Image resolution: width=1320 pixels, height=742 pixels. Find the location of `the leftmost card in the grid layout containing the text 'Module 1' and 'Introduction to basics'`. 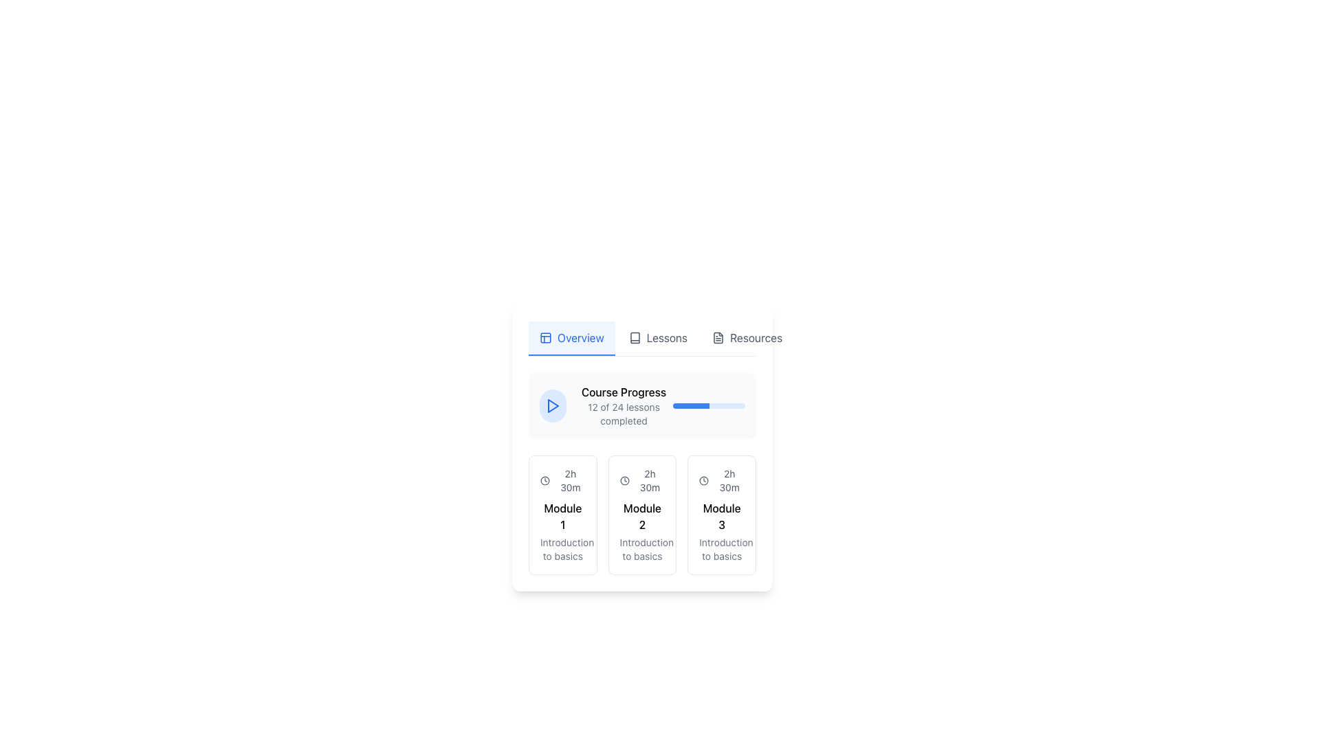

the leftmost card in the grid layout containing the text 'Module 1' and 'Introduction to basics' is located at coordinates (562, 515).